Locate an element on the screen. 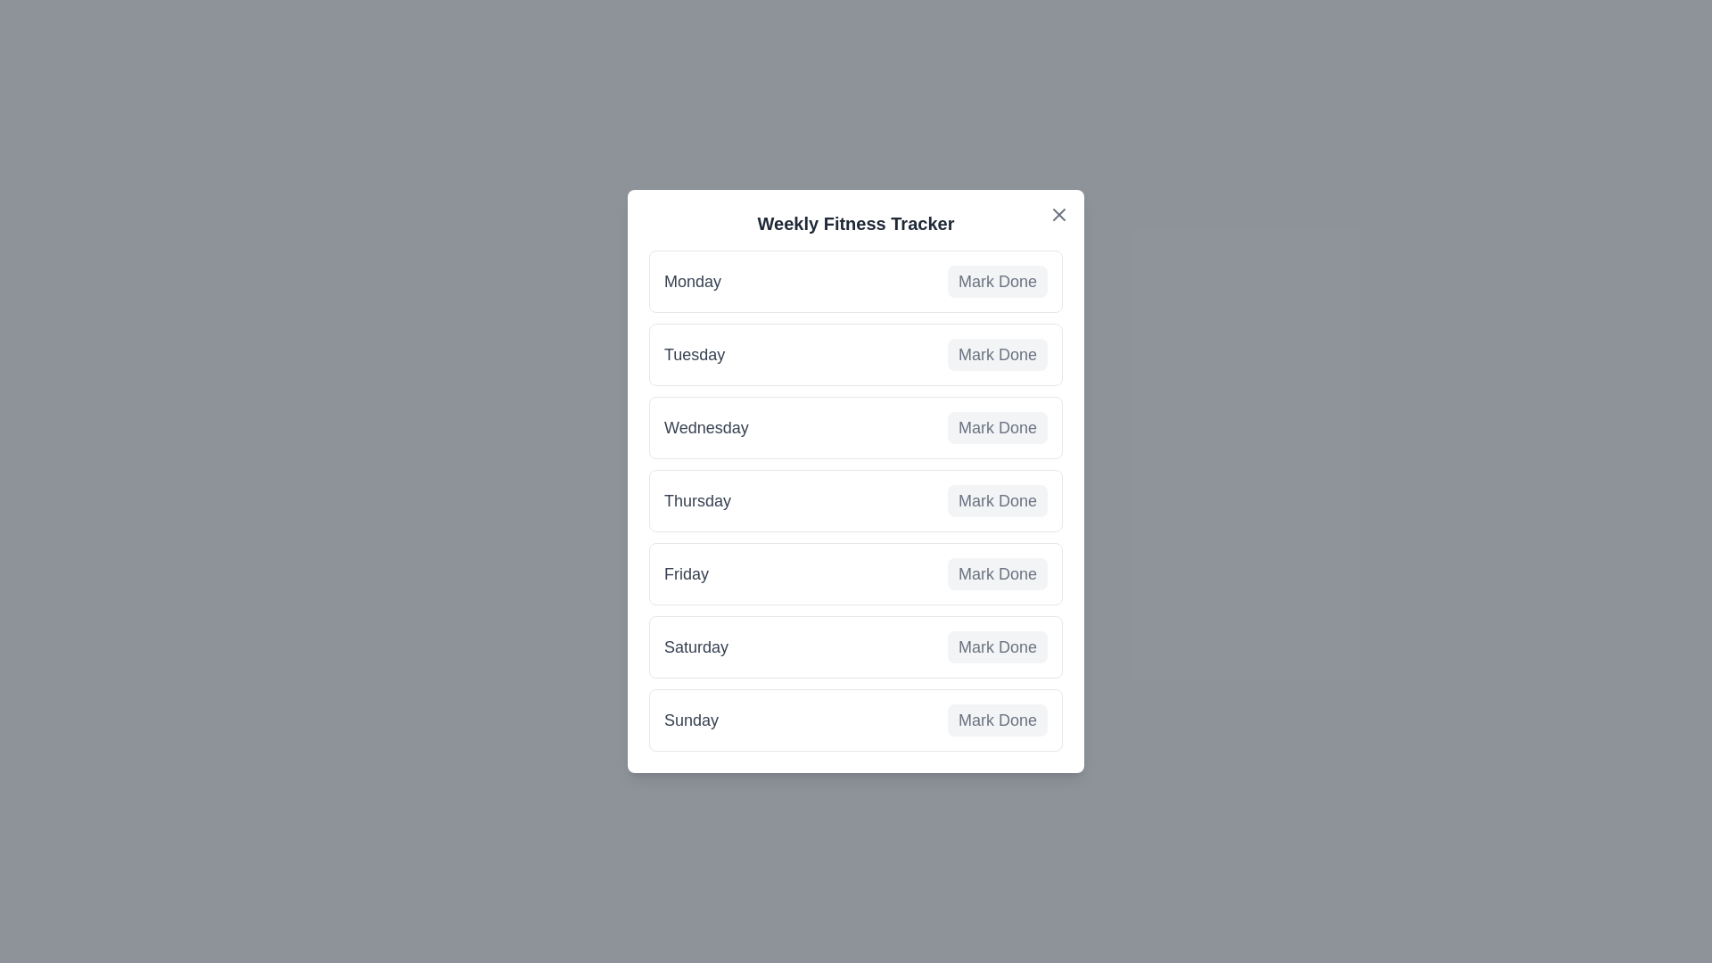 This screenshot has width=1712, height=963. 'Mark Done' button for Sunday is located at coordinates (996, 719).